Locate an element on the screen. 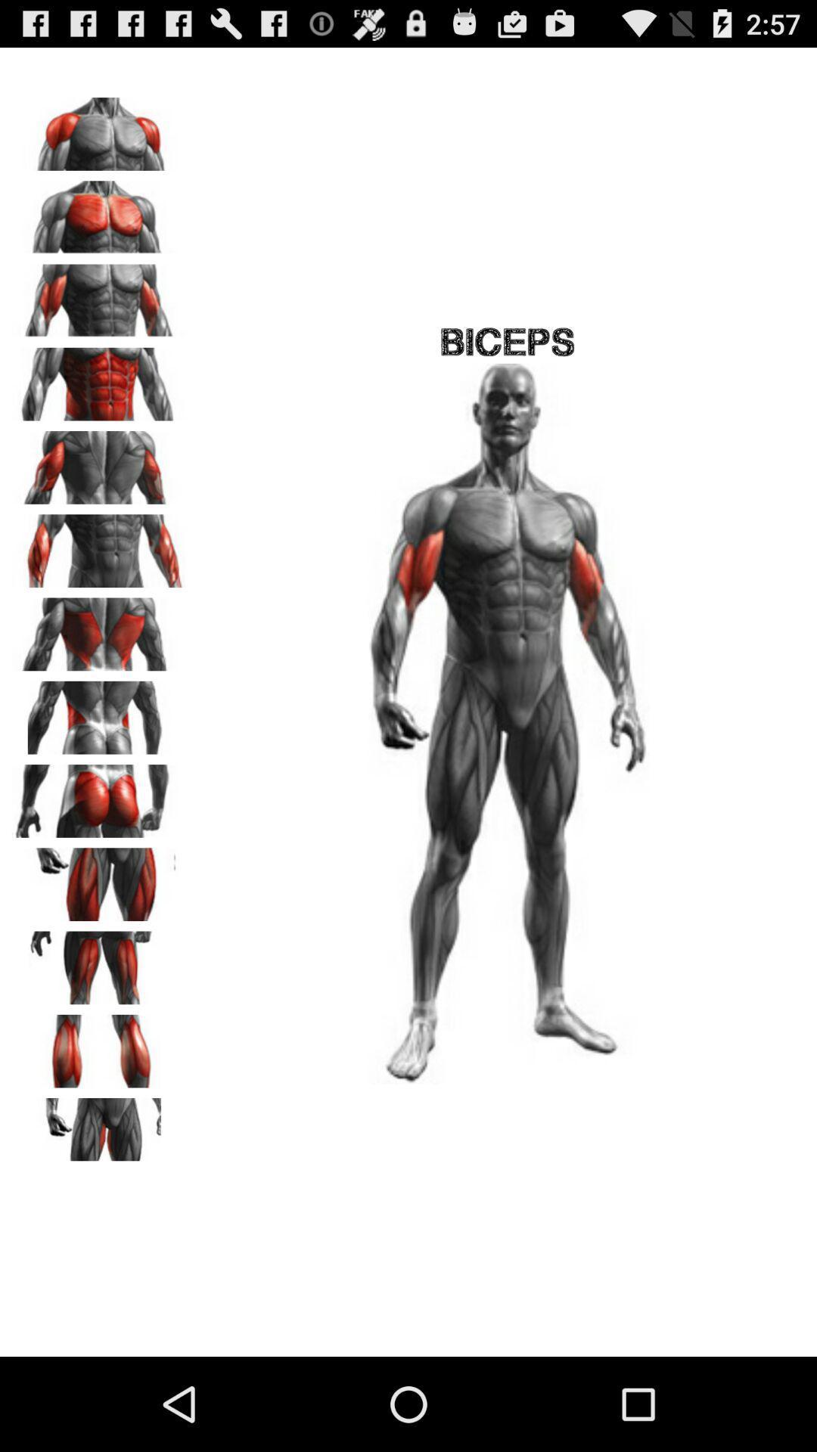  advice on how to workout muscles in buttocks is located at coordinates (99, 795).